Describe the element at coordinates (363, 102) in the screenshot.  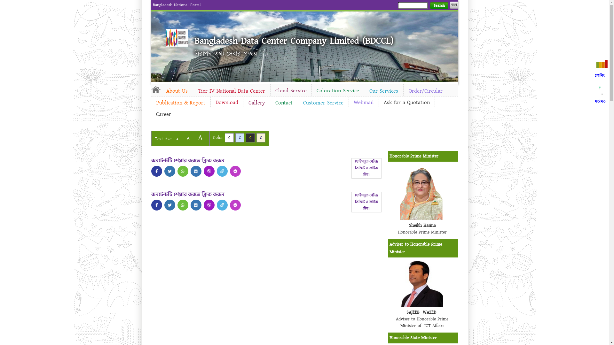
I see `'Webmail'` at that location.